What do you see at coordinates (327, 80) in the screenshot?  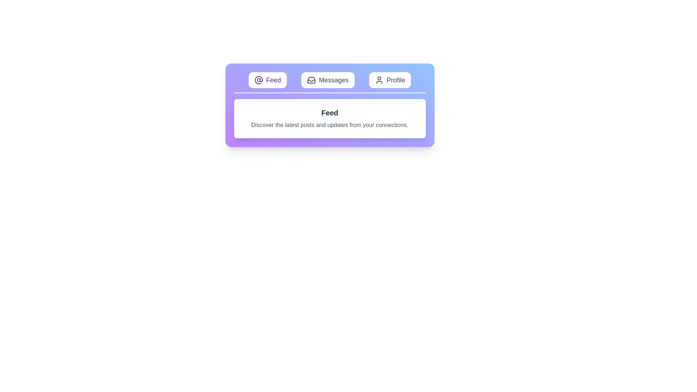 I see `the Messages tab` at bounding box center [327, 80].